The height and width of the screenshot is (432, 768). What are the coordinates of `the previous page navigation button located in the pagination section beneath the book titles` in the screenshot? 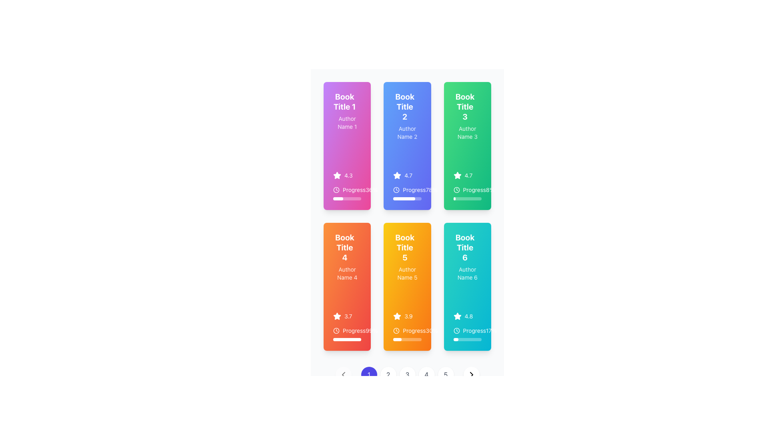 It's located at (343, 375).